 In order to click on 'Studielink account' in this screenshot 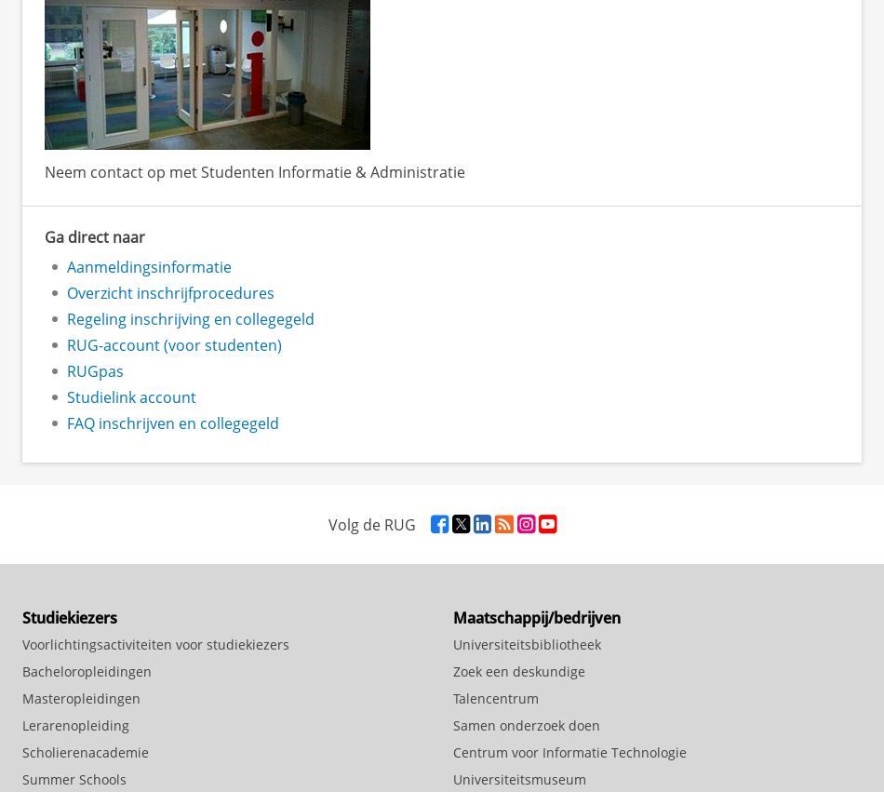, I will do `click(131, 396)`.